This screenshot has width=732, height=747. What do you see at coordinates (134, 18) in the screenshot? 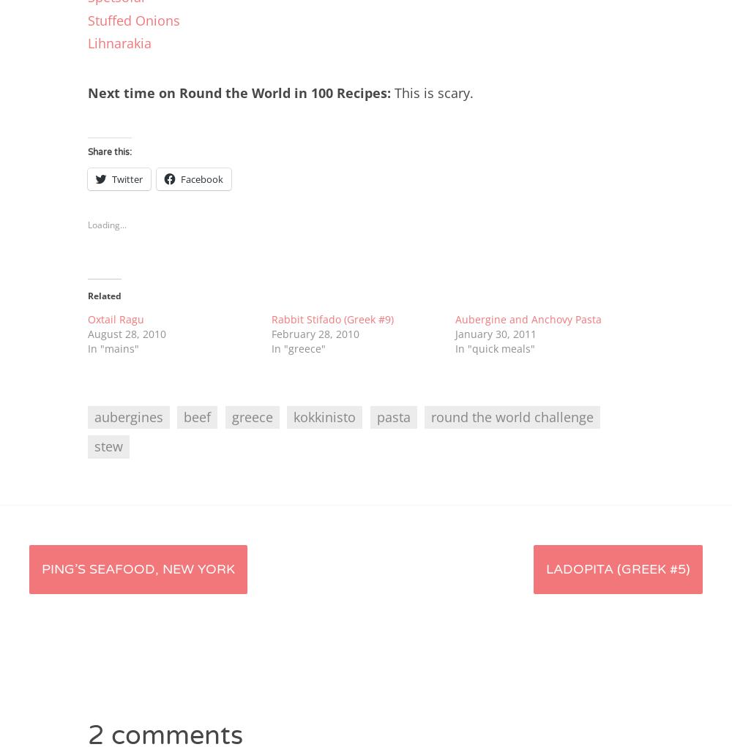
I see `'Stuffed Onions'` at bounding box center [134, 18].